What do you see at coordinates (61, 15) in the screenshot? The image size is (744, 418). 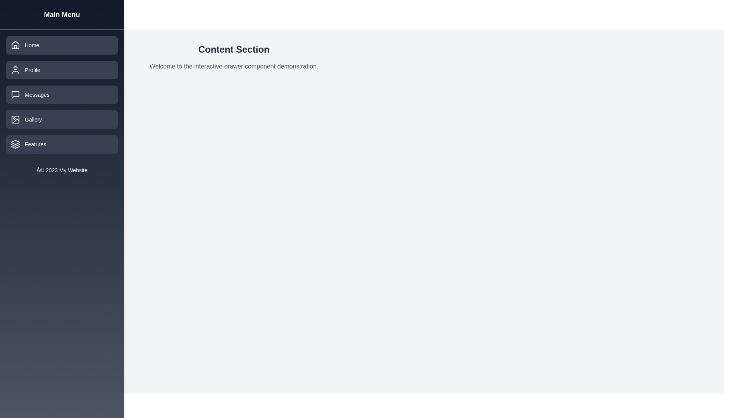 I see `the text label that serves as a heading or title for the sidebar, indicating the main menu options` at bounding box center [61, 15].